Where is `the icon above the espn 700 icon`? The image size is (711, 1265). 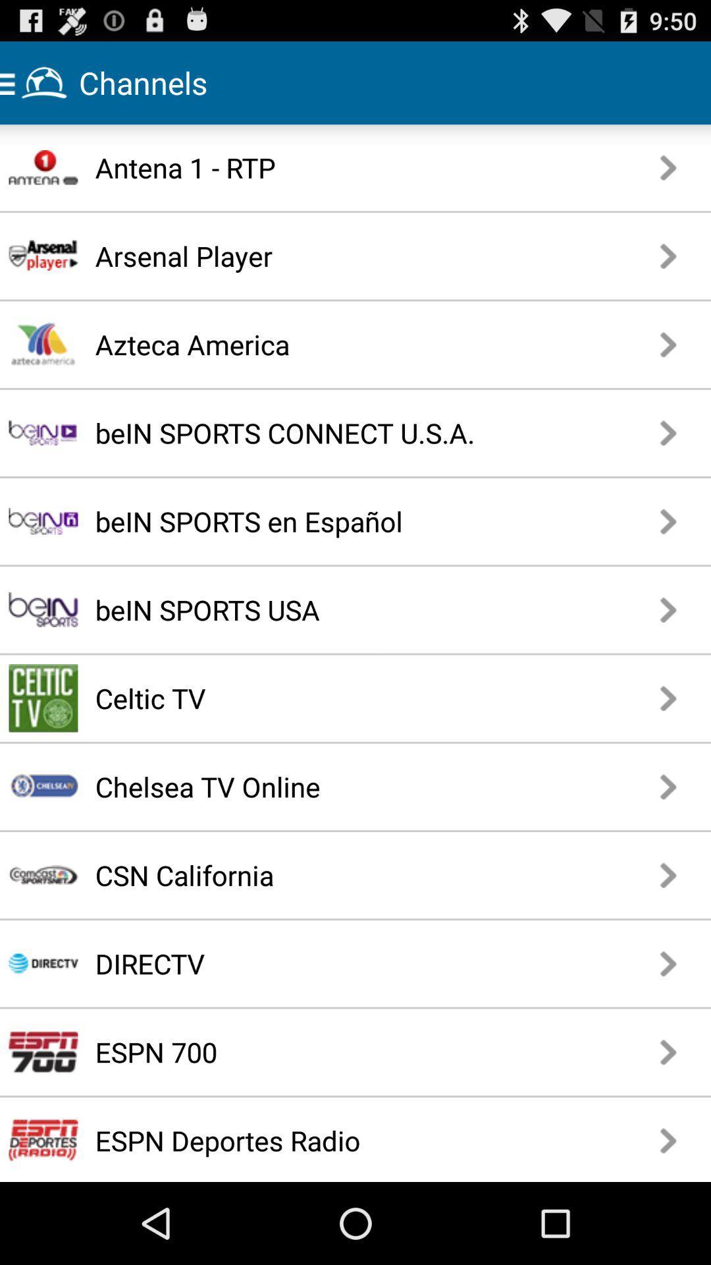
the icon above the espn 700 icon is located at coordinates (308, 963).